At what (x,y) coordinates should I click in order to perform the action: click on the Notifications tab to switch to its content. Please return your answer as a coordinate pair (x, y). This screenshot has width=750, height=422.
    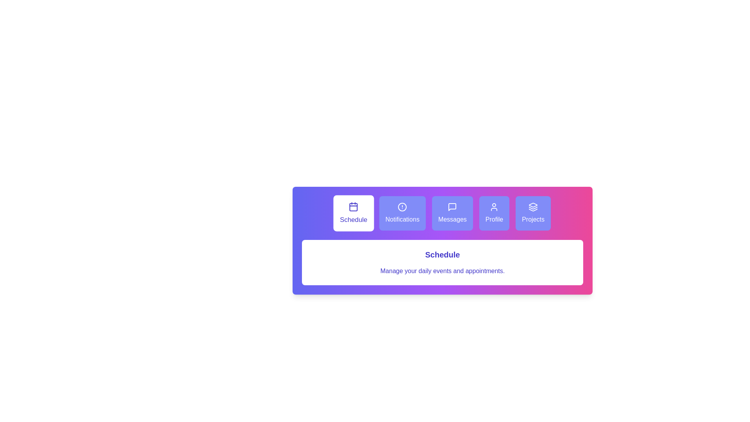
    Looking at the image, I should click on (402, 213).